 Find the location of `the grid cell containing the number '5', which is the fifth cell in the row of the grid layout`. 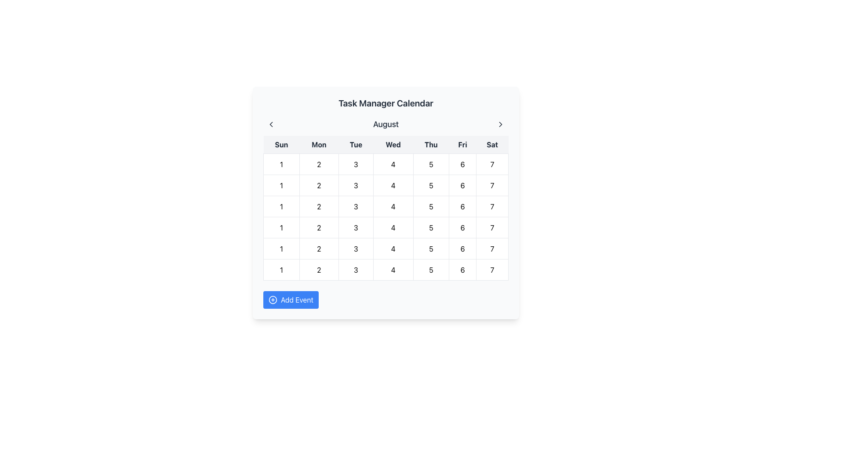

the grid cell containing the number '5', which is the fifth cell in the row of the grid layout is located at coordinates (431, 269).